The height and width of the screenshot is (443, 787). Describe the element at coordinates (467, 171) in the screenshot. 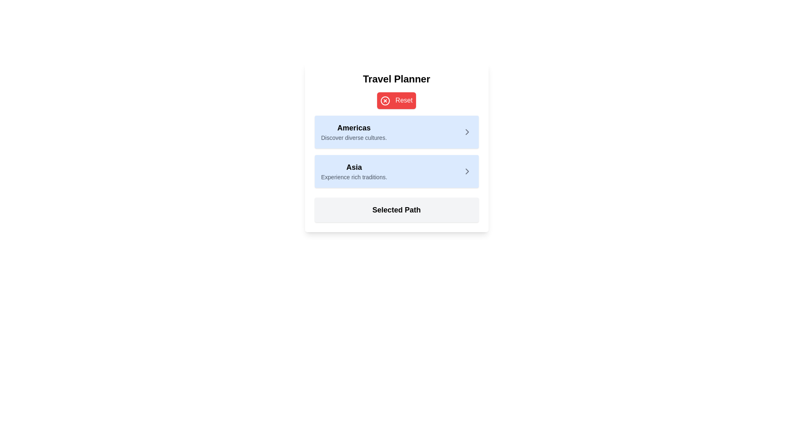

I see `the navigation icon associated with the text 'Asia' located in the second blue box` at that location.